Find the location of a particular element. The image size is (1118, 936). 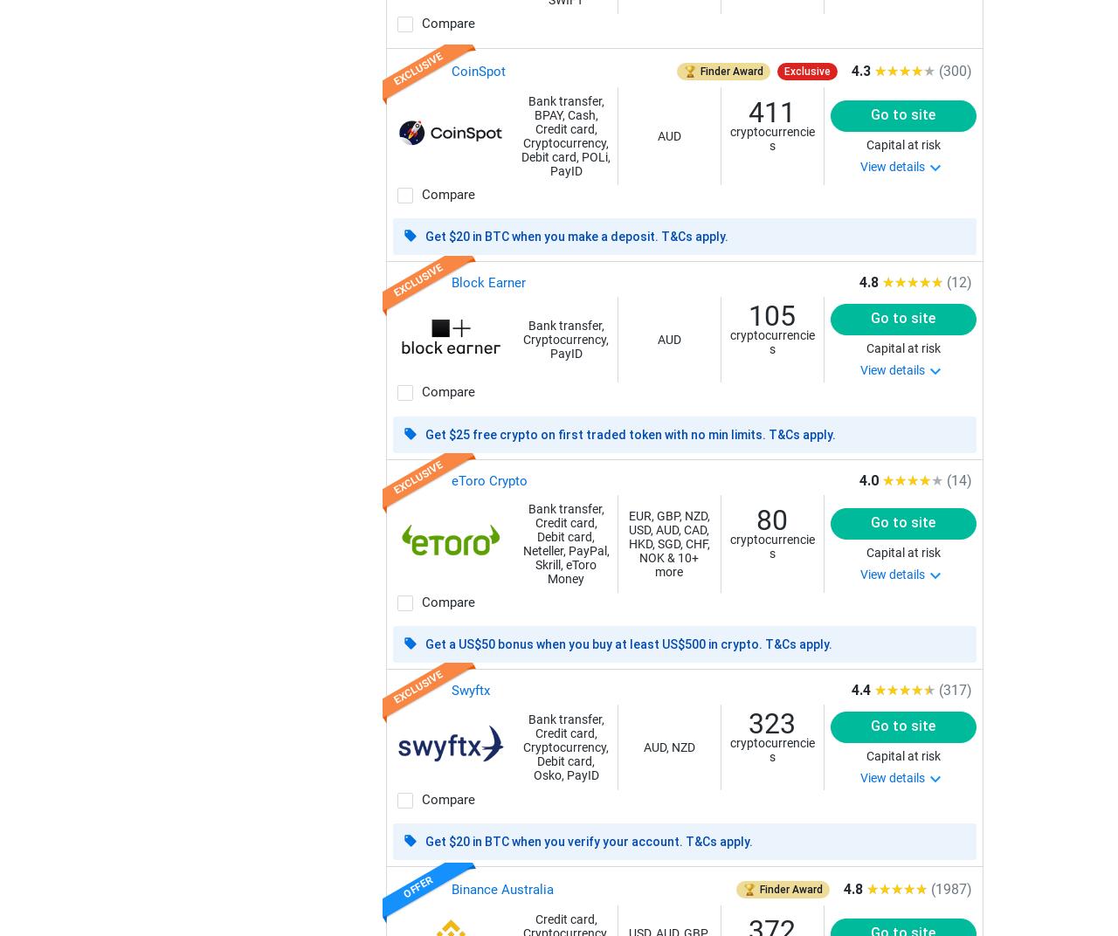

'Exclusive' is located at coordinates (783, 71).